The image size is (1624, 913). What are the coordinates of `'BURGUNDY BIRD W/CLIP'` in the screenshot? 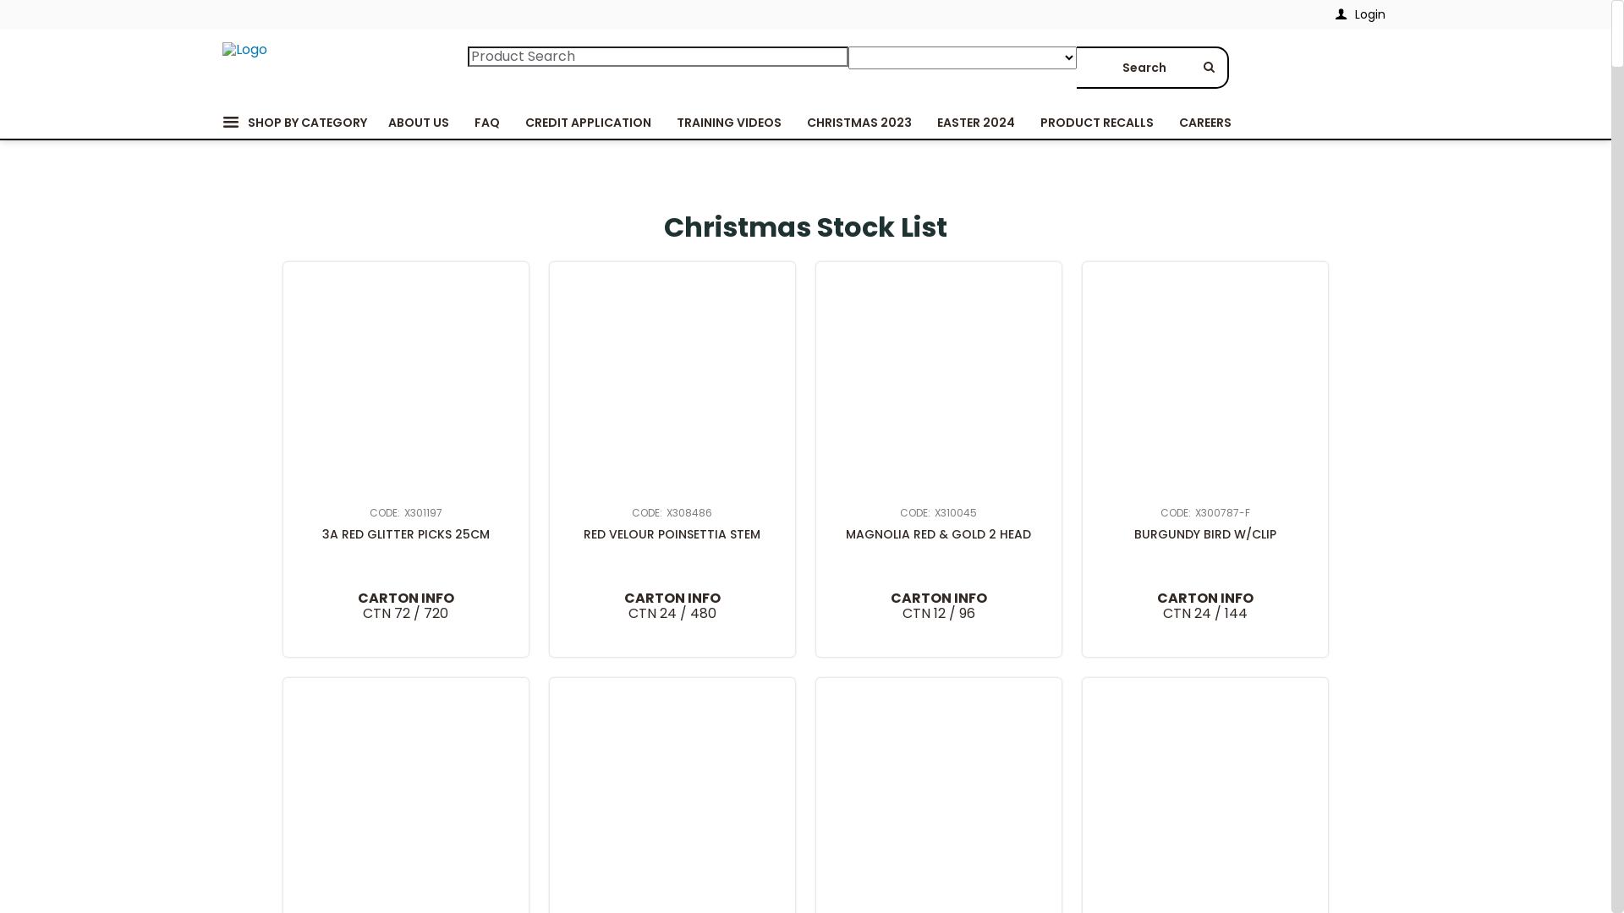 It's located at (1204, 534).